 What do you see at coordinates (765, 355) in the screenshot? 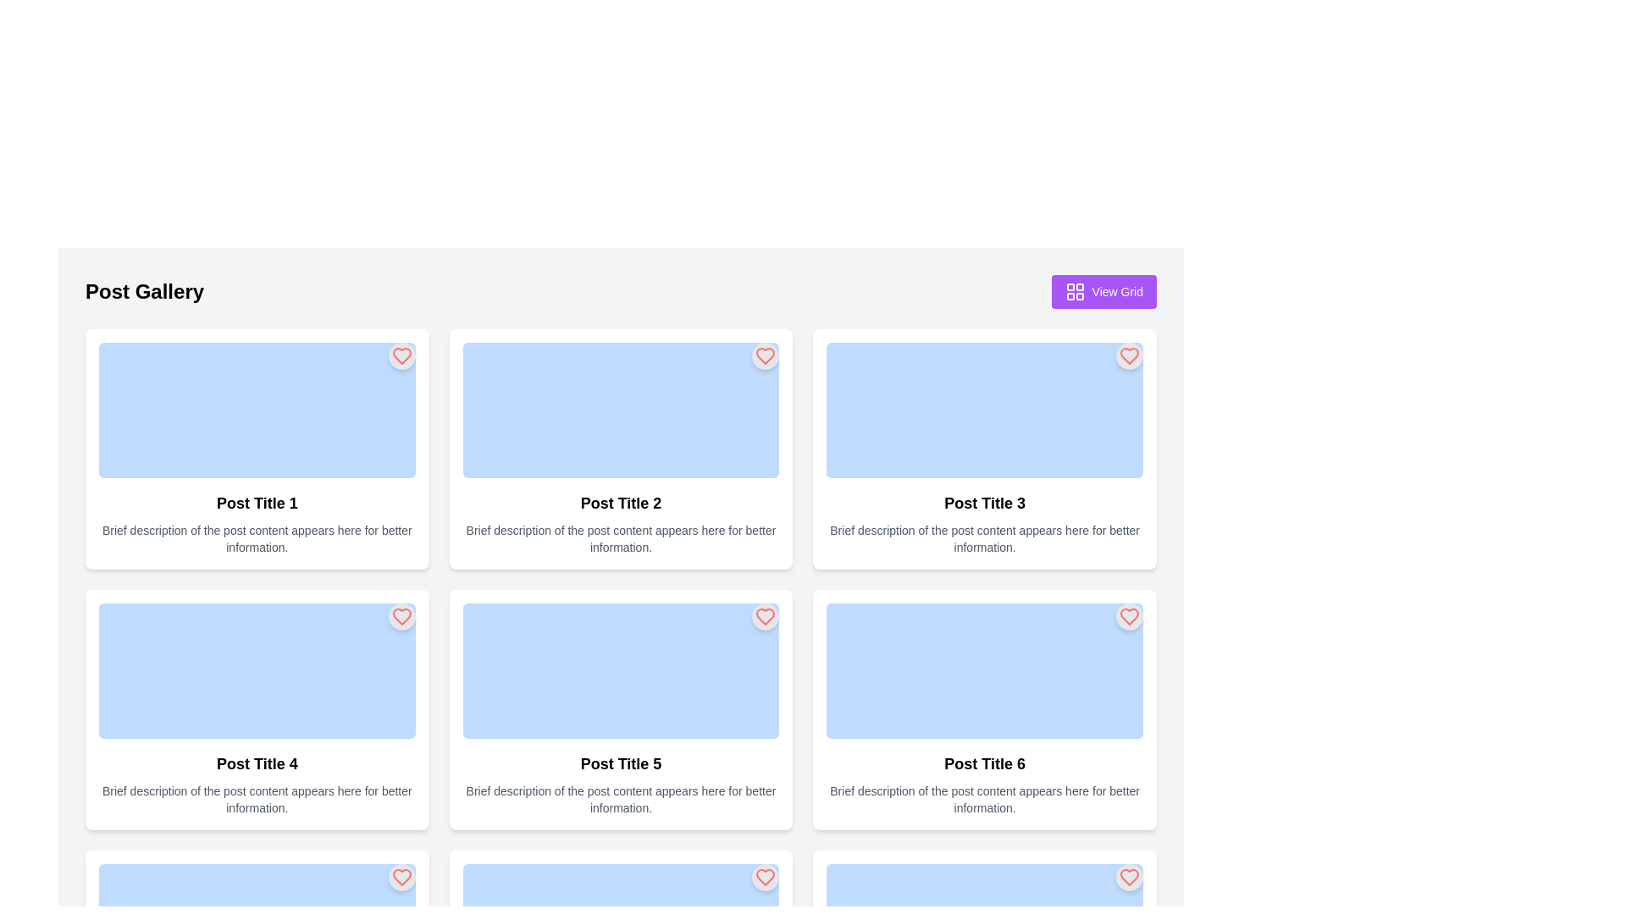
I see `the red heart icon at the top-right corner of the second post card titled 'Post Title 2'` at bounding box center [765, 355].